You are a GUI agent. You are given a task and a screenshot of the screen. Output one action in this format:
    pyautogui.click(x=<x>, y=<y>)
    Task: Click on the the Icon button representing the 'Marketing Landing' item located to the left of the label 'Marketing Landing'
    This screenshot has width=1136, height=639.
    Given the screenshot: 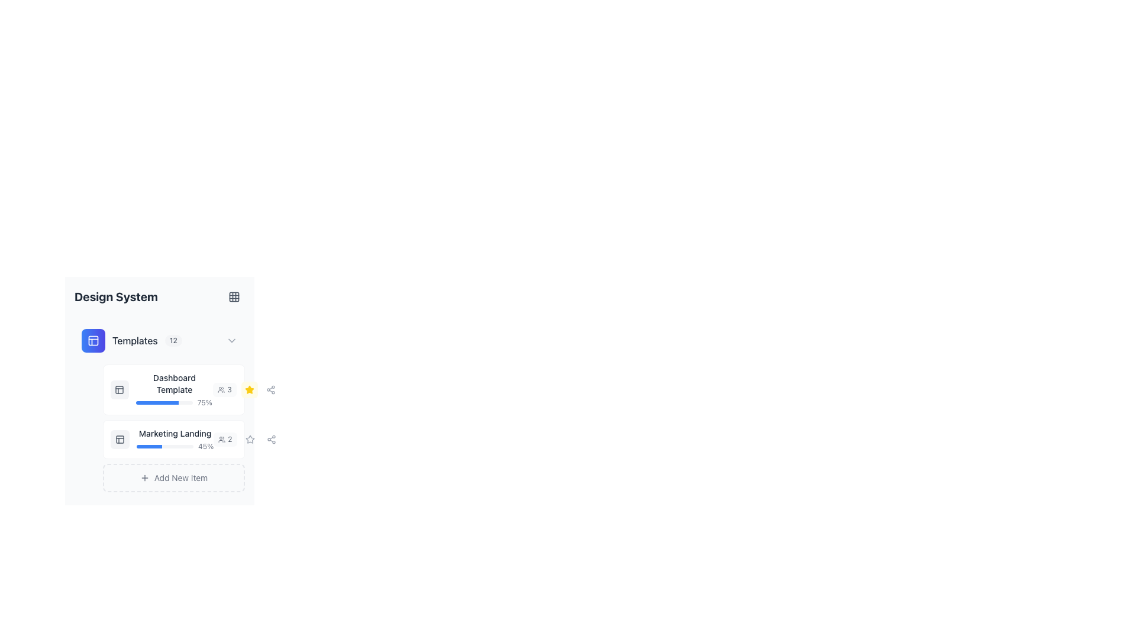 What is the action you would take?
    pyautogui.click(x=120, y=440)
    